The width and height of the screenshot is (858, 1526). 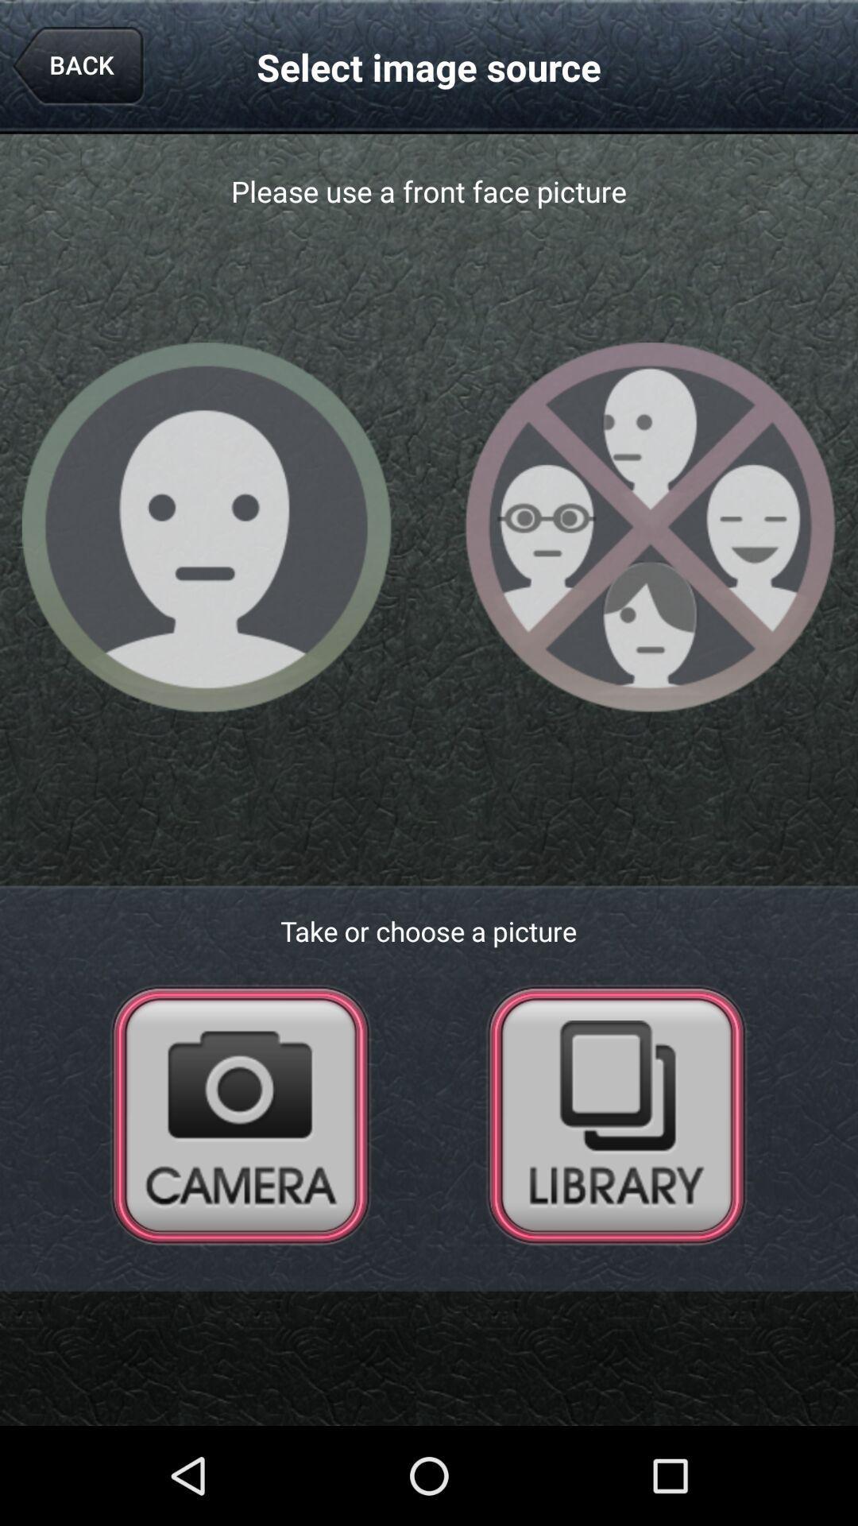 What do you see at coordinates (429, 1342) in the screenshot?
I see `icon at the bottom` at bounding box center [429, 1342].